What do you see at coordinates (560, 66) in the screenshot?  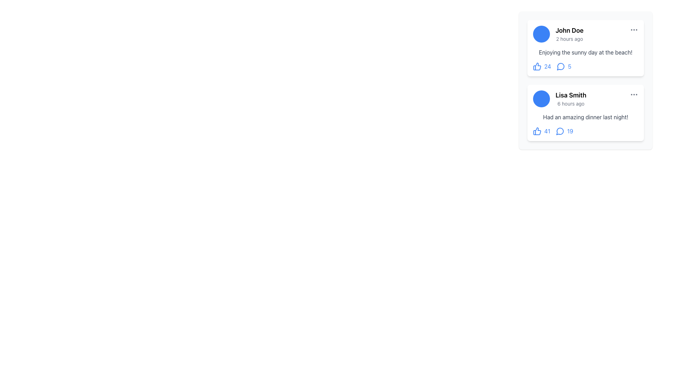 I see `the small circular blue speech bubble icon button located in the horizontal row of action icons, which is positioned to the right of the like button and to the left of another numerical count` at bounding box center [560, 66].